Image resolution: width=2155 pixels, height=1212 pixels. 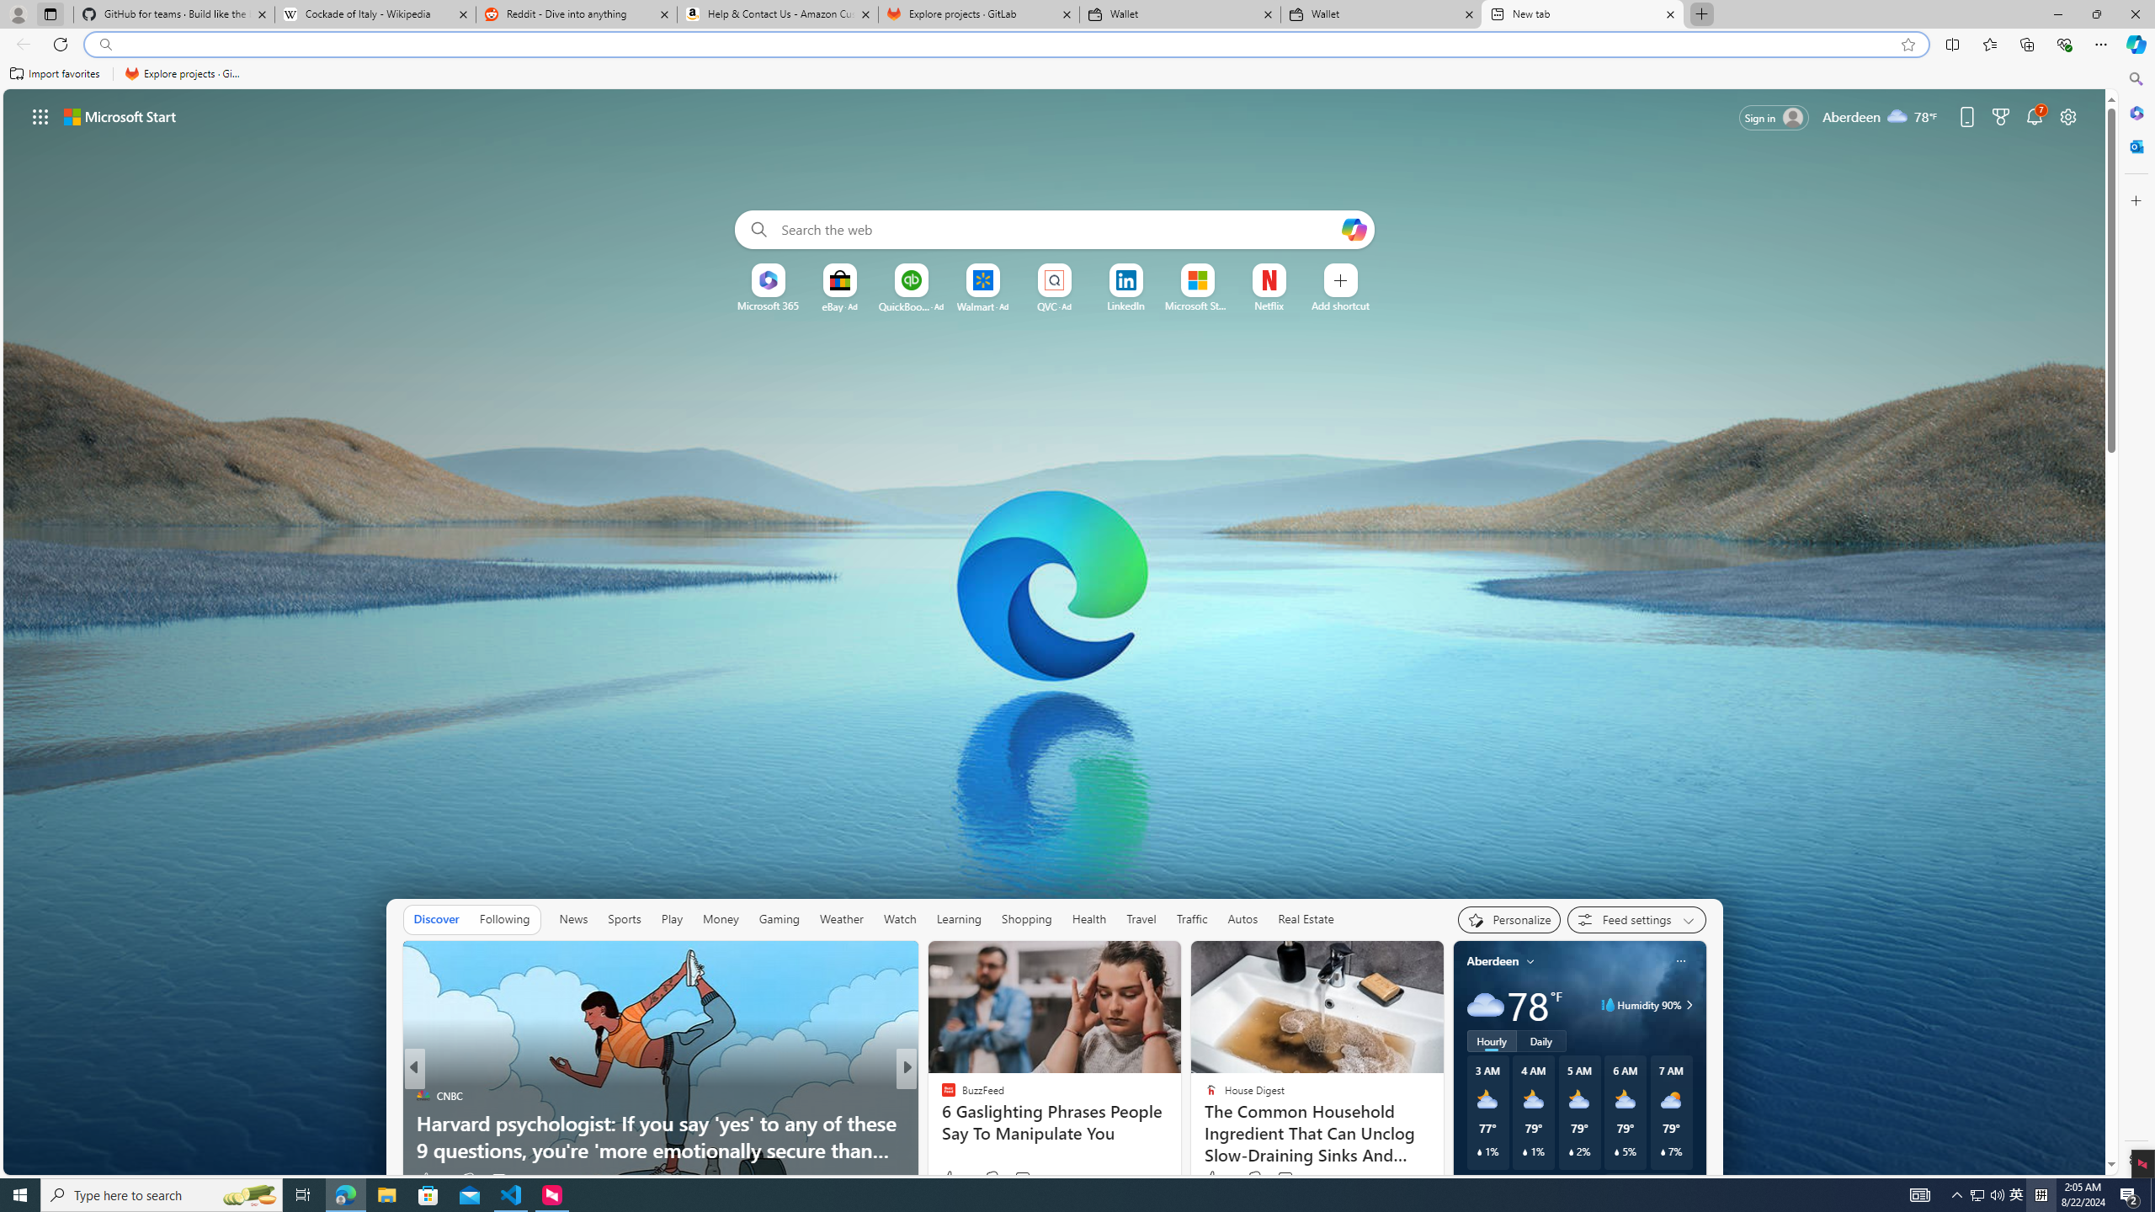 What do you see at coordinates (940, 1122) in the screenshot?
I see `'Reader'` at bounding box center [940, 1122].